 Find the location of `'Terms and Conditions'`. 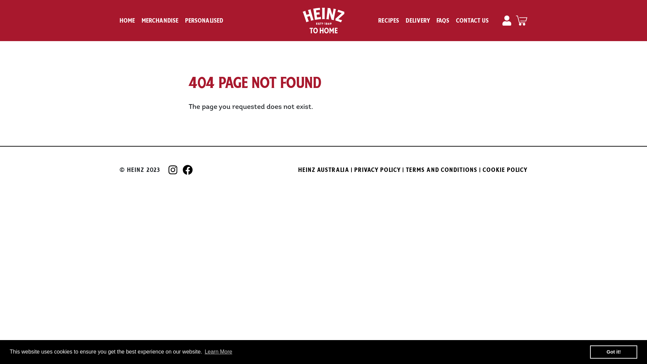

'Terms and Conditions' is located at coordinates (405, 170).